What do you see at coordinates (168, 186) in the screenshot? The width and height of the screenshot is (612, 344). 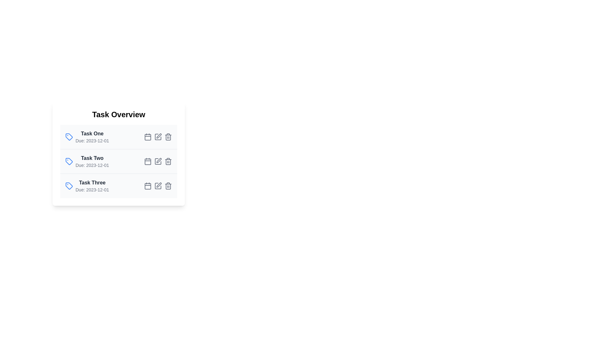 I see `the trash bin icon button, which is located at the far right end of the row for 'Task Three' in the 'Task Overview' section, to change its color to red` at bounding box center [168, 186].